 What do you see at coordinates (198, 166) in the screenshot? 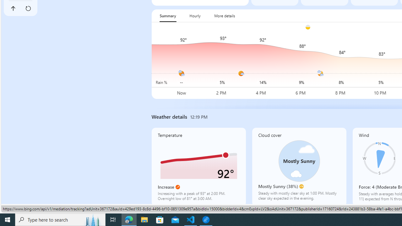
I see `'Temperature'` at bounding box center [198, 166].